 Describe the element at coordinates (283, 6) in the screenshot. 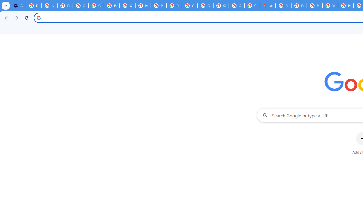

I see `'Policy Accountability and Transparency - Transparency Center'` at that location.